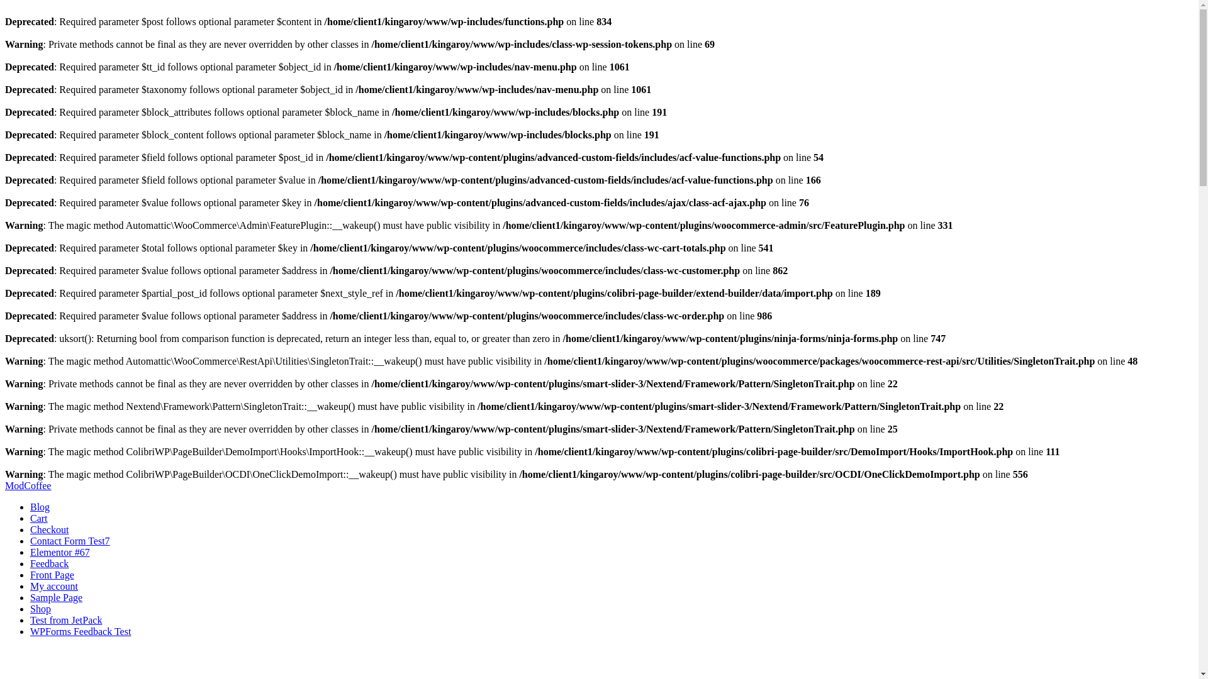 This screenshot has height=679, width=1208. What do you see at coordinates (28, 485) in the screenshot?
I see `'ModCoffee'` at bounding box center [28, 485].